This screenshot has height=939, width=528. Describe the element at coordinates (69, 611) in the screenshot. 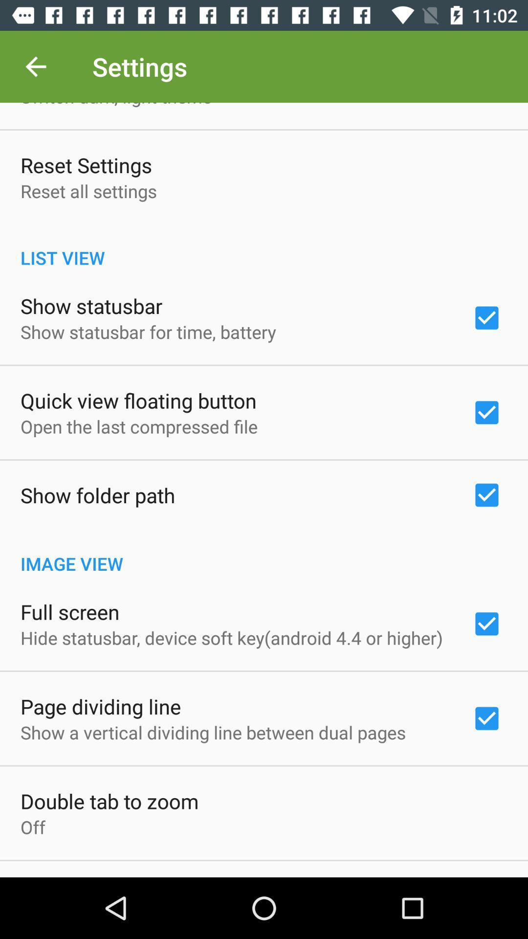

I see `full screen icon` at that location.